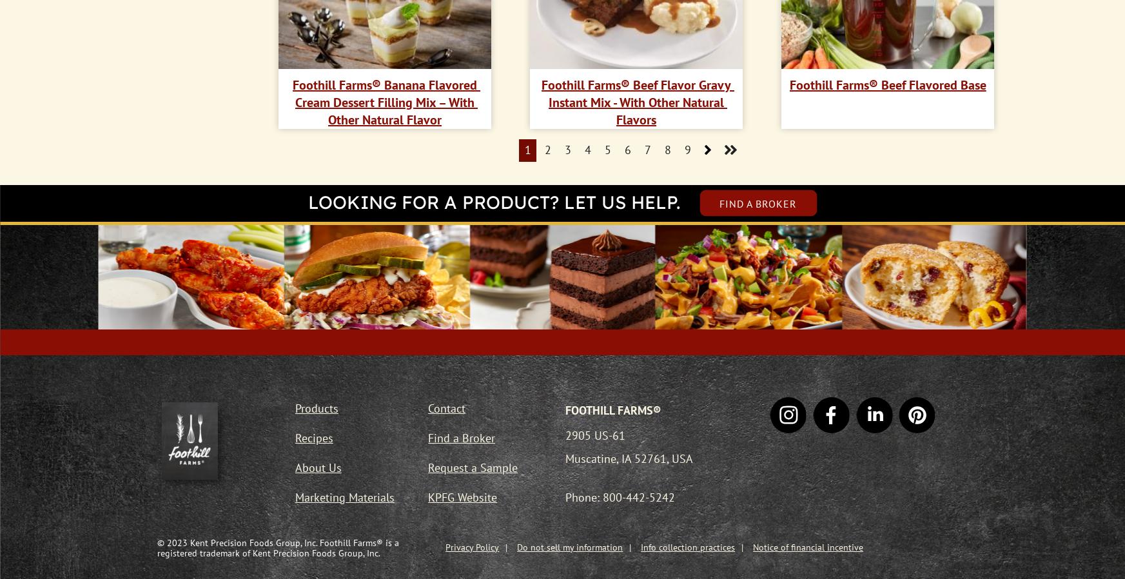 The height and width of the screenshot is (579, 1125). I want to click on 'Foothill Farms®', so click(613, 409).